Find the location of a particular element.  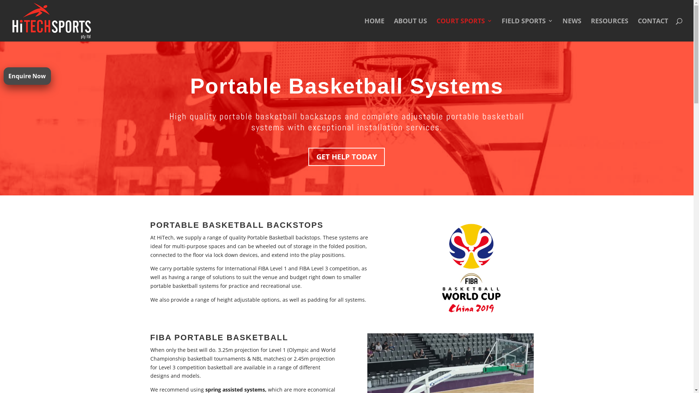

'ABOUT US' is located at coordinates (393, 29).